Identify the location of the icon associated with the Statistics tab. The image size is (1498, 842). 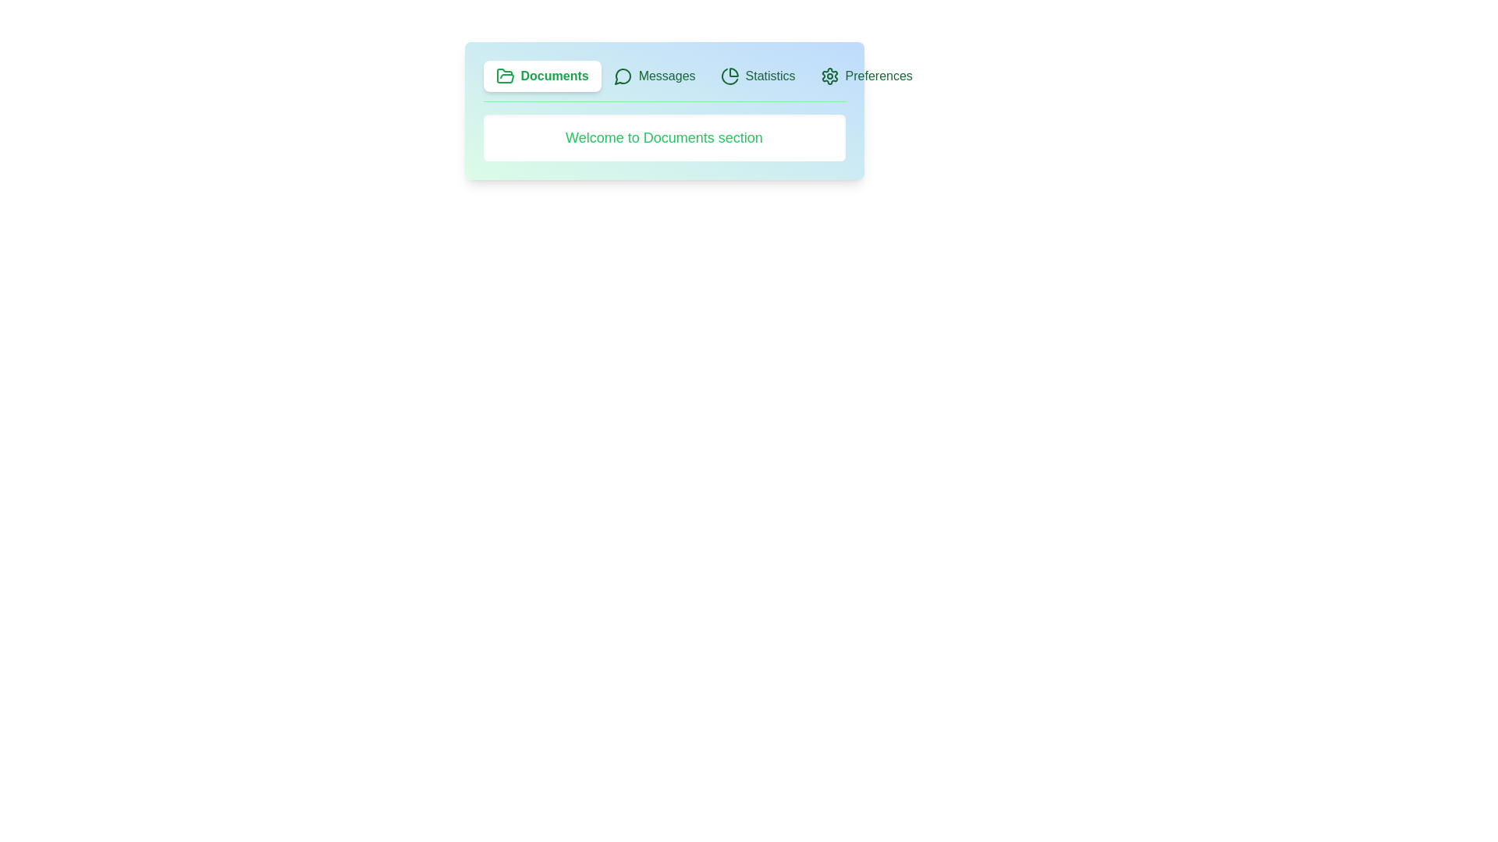
(729, 76).